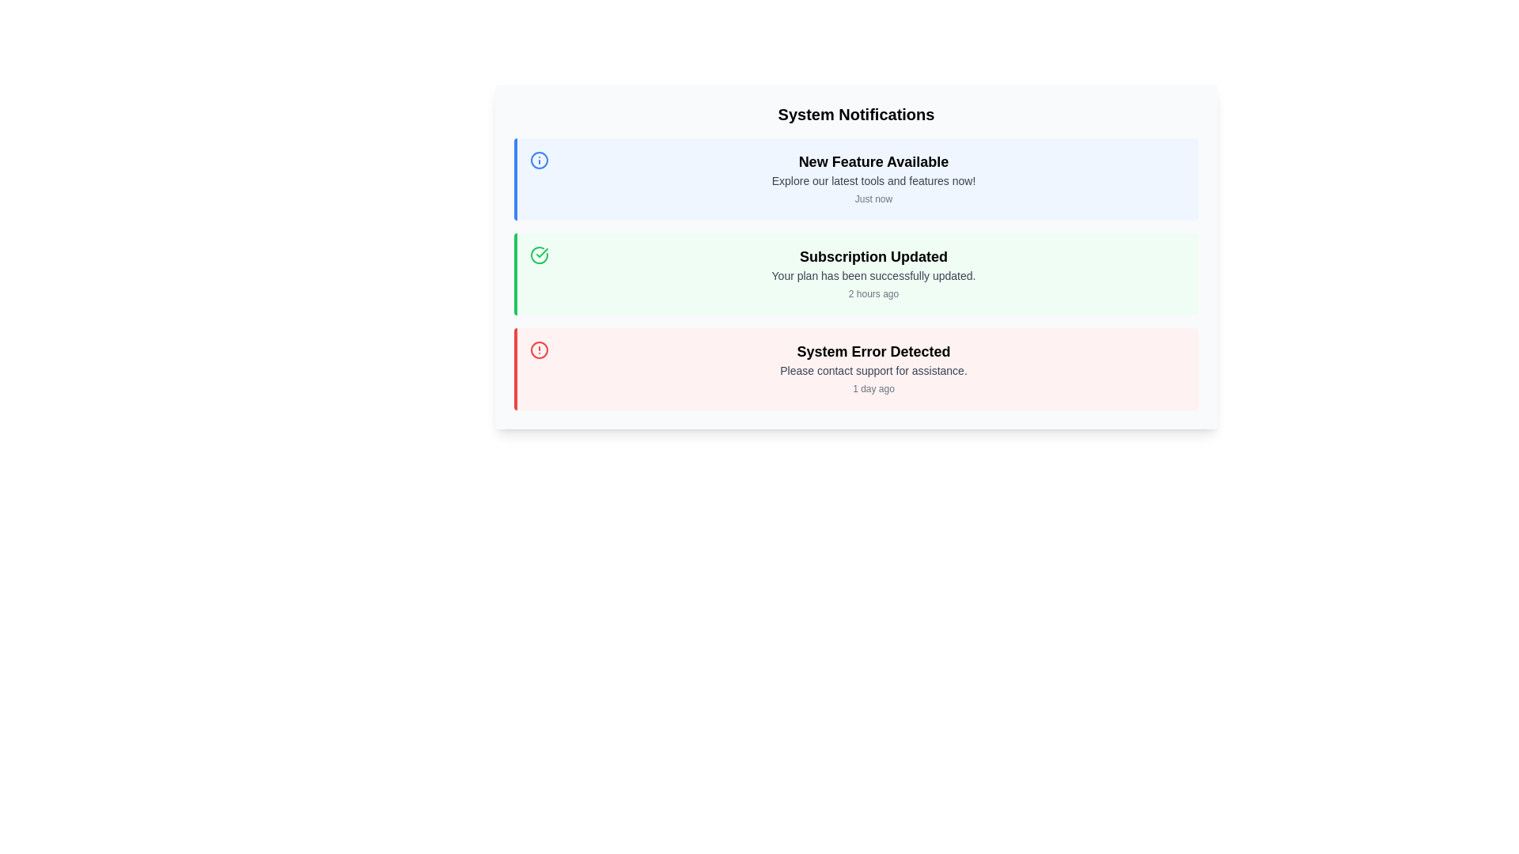 The width and height of the screenshot is (1519, 854). I want to click on the text message that reads 'Please contact support for assistance.' which is styled in small gray font on a light pink background, located below 'System Error Detected' and above the timestamp '1 day ago', so click(873, 371).